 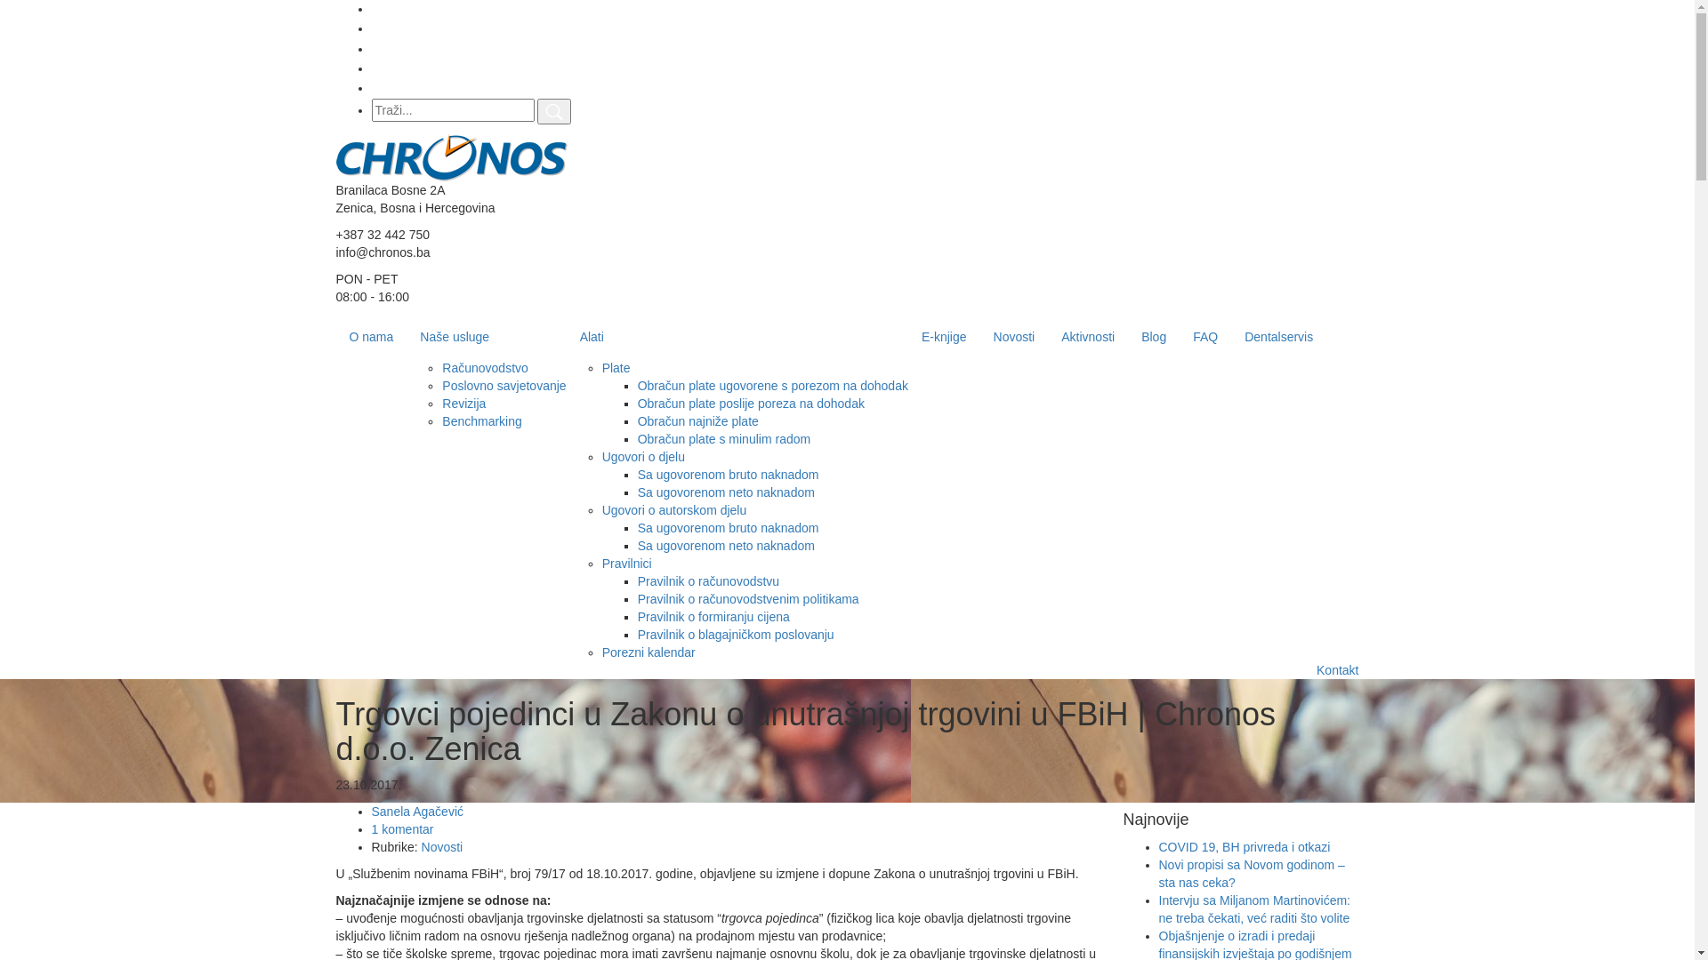 I want to click on 'Ugovori o autorskom djelu', so click(x=673, y=510).